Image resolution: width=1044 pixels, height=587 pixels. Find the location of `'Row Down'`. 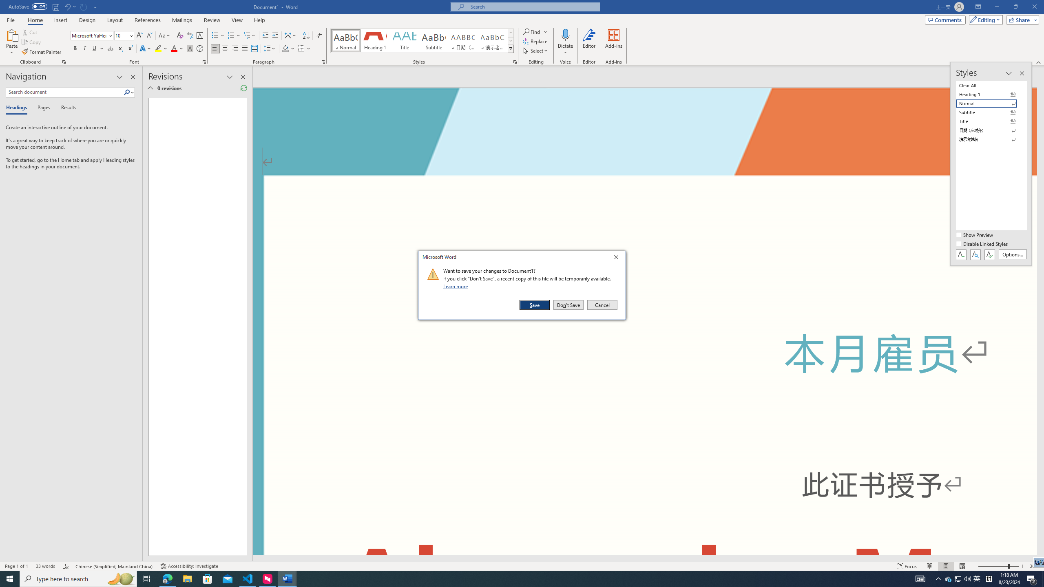

'Row Down' is located at coordinates (510, 40).